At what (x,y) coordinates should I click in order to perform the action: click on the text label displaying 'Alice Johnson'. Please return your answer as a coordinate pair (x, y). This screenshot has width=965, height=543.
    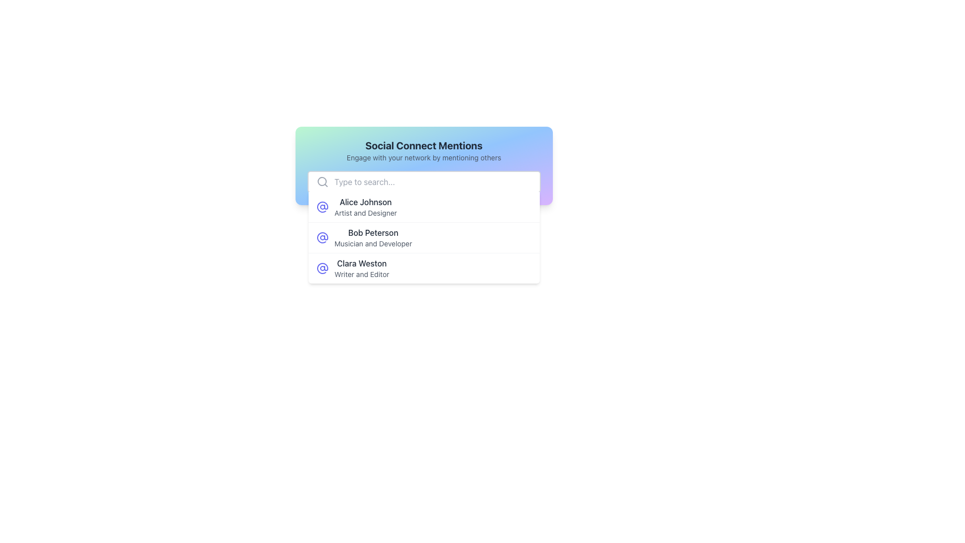
    Looking at the image, I should click on (365, 202).